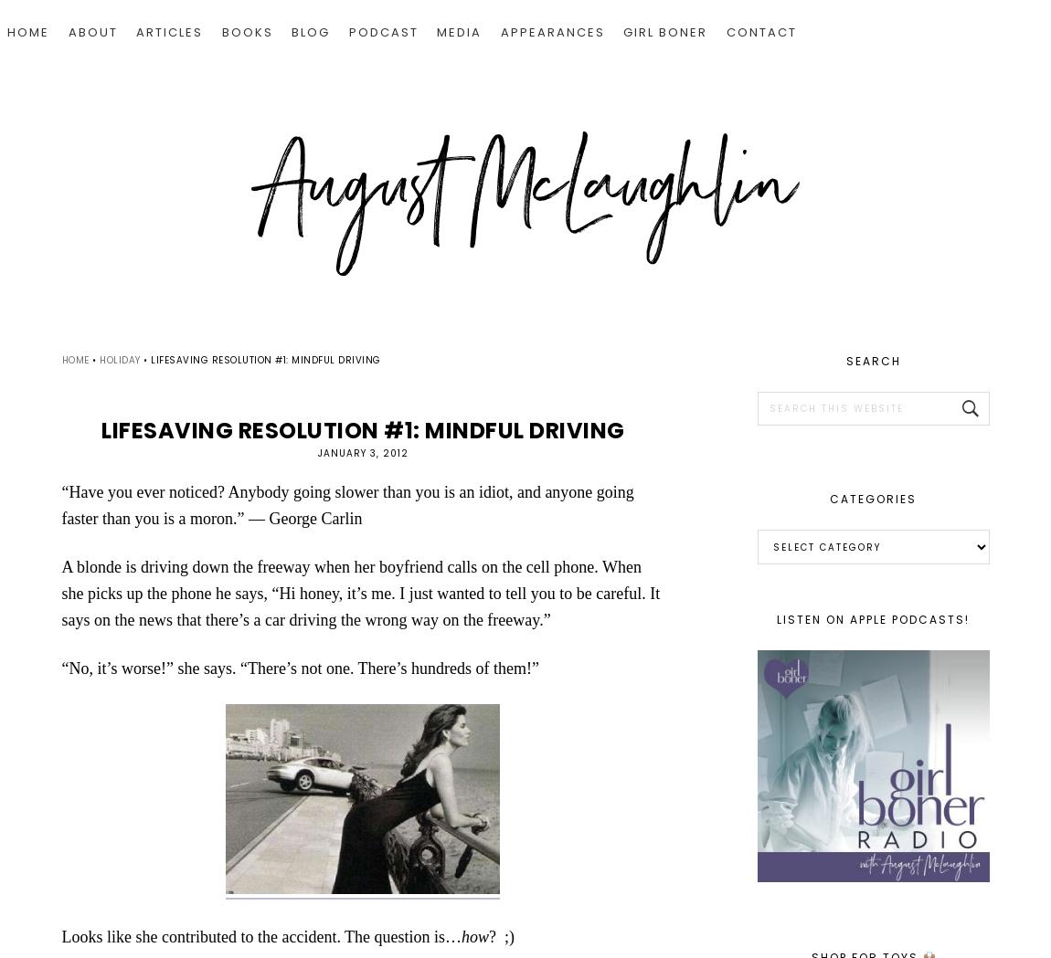  I want to click on 'ARTICLES', so click(168, 31).